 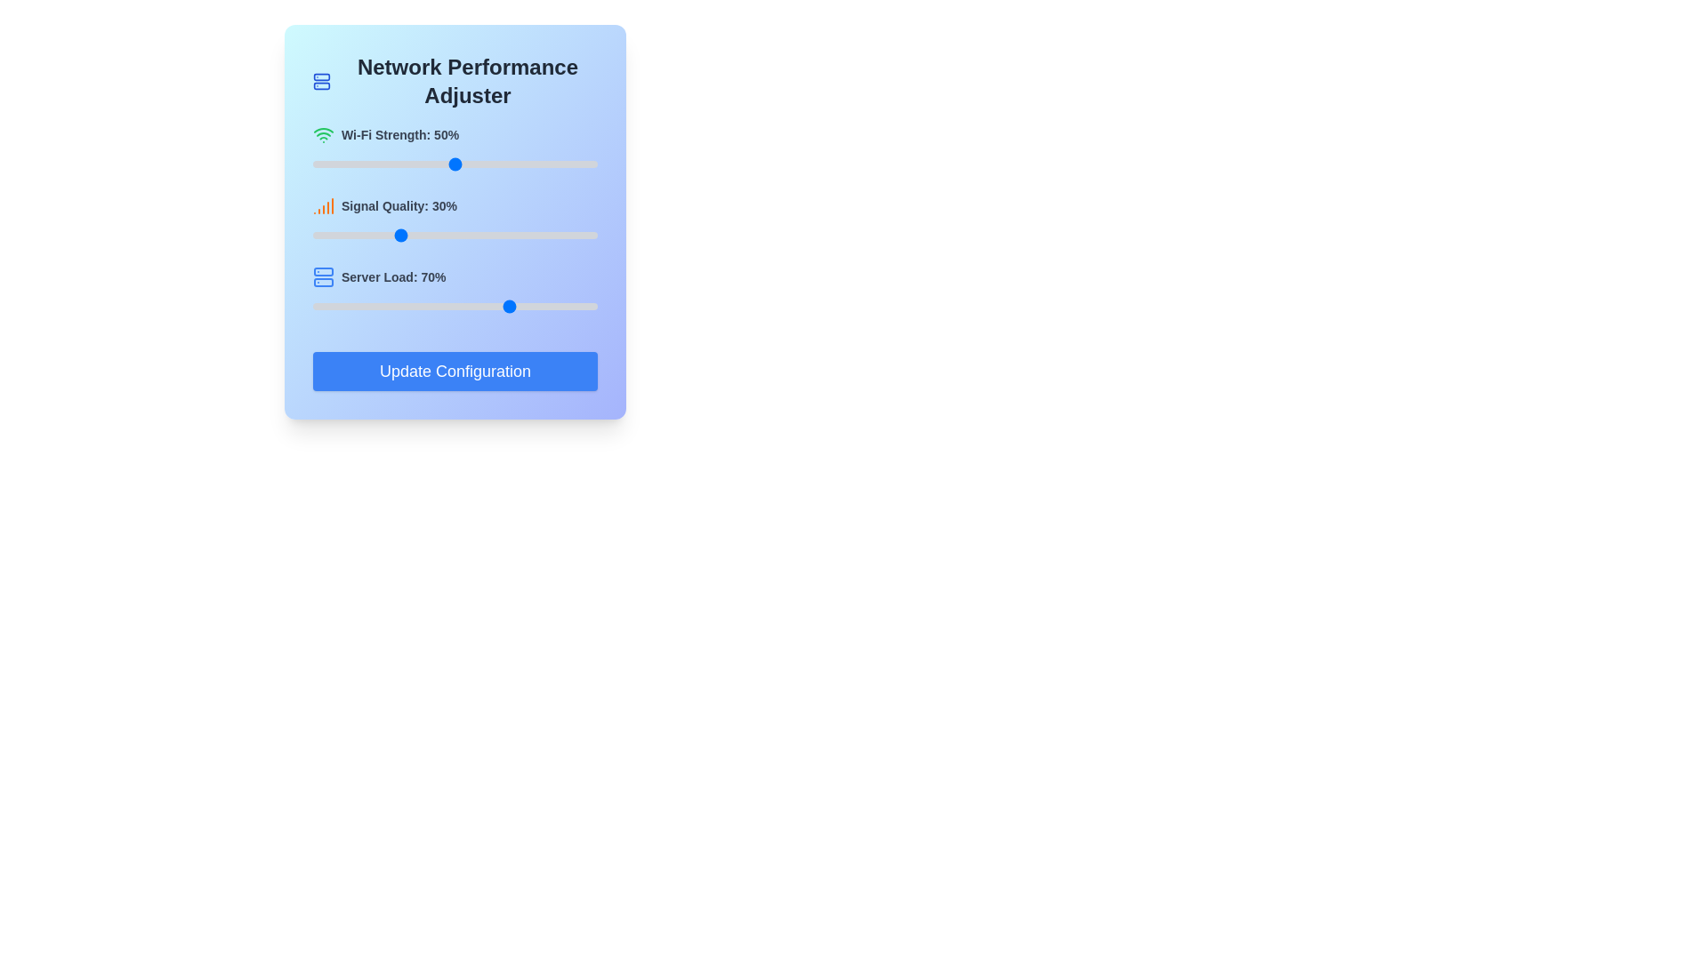 What do you see at coordinates (324, 204) in the screenshot?
I see `the orange vertical signal bar indicator icon which displays ascending bars and is located to the left of the 'Signal Quality: 30%' label` at bounding box center [324, 204].